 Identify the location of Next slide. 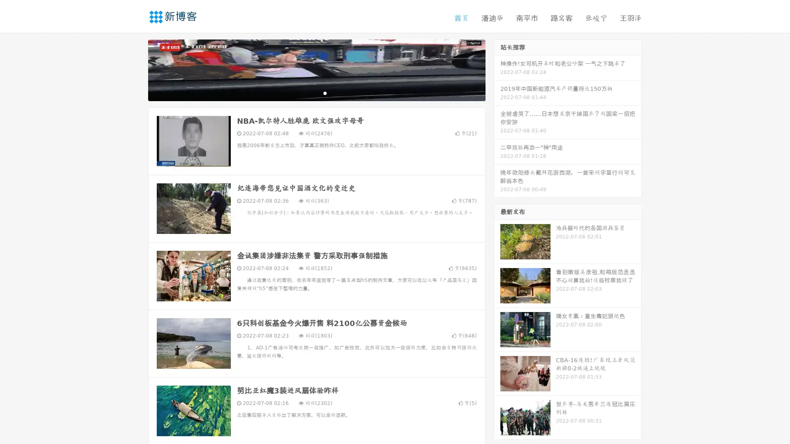
(497, 69).